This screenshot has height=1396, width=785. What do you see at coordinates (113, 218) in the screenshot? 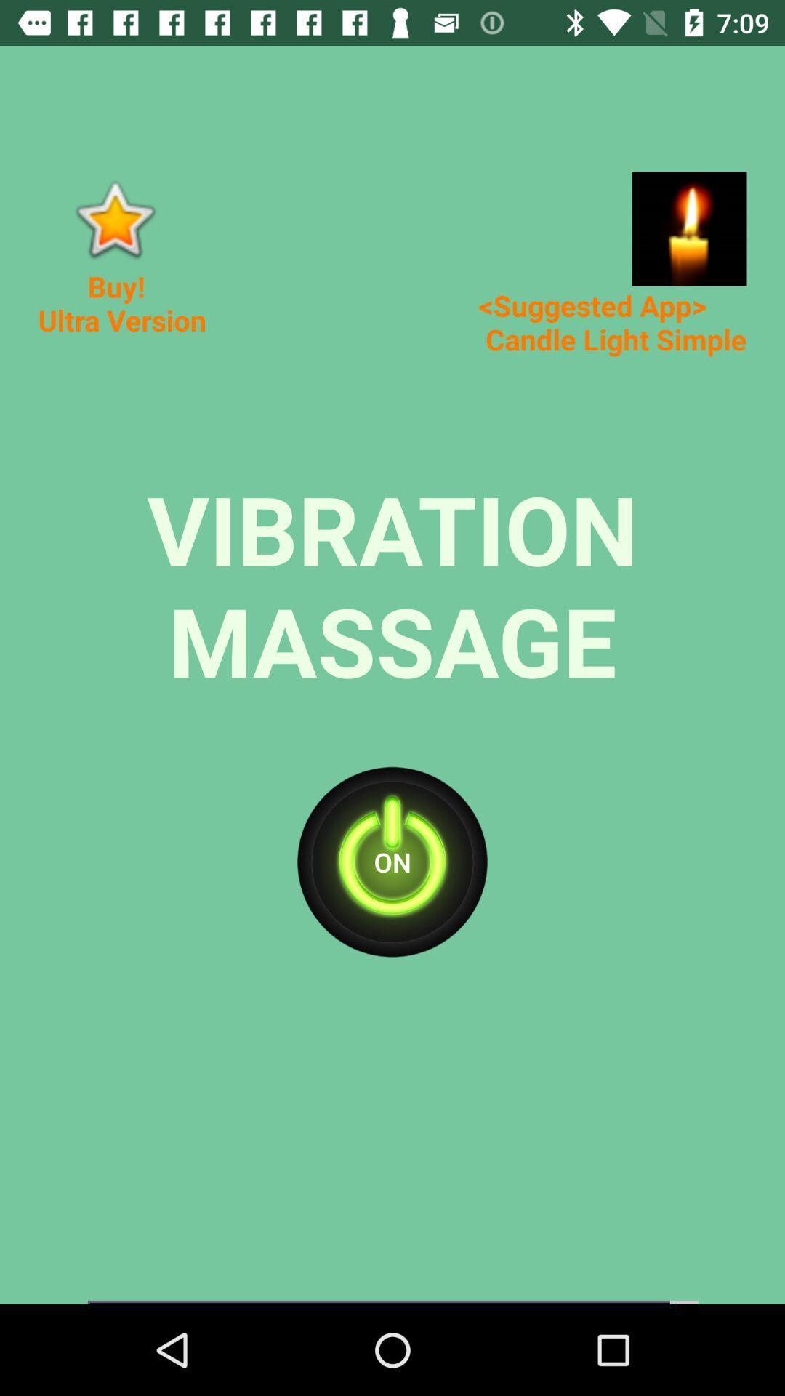
I see `app logo` at bounding box center [113, 218].